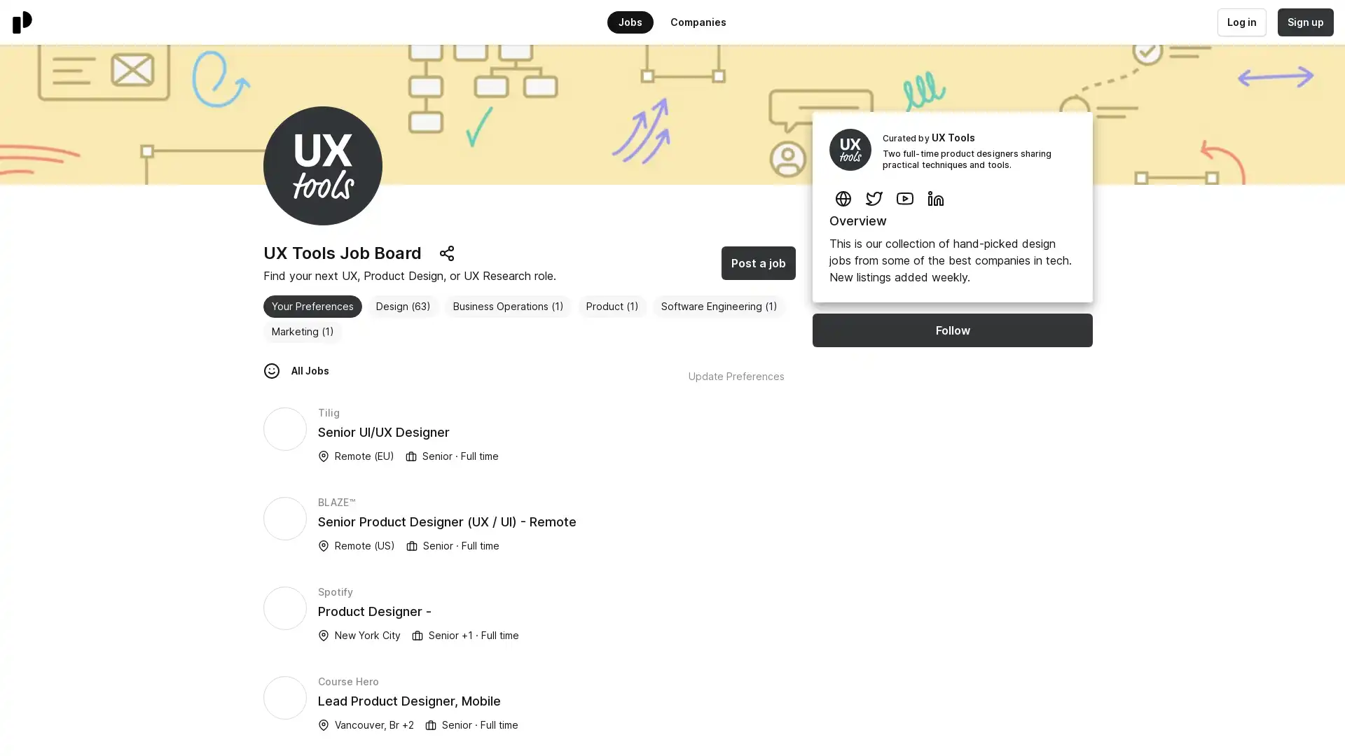 Image resolution: width=1345 pixels, height=756 pixels. What do you see at coordinates (952, 330) in the screenshot?
I see `Follow` at bounding box center [952, 330].